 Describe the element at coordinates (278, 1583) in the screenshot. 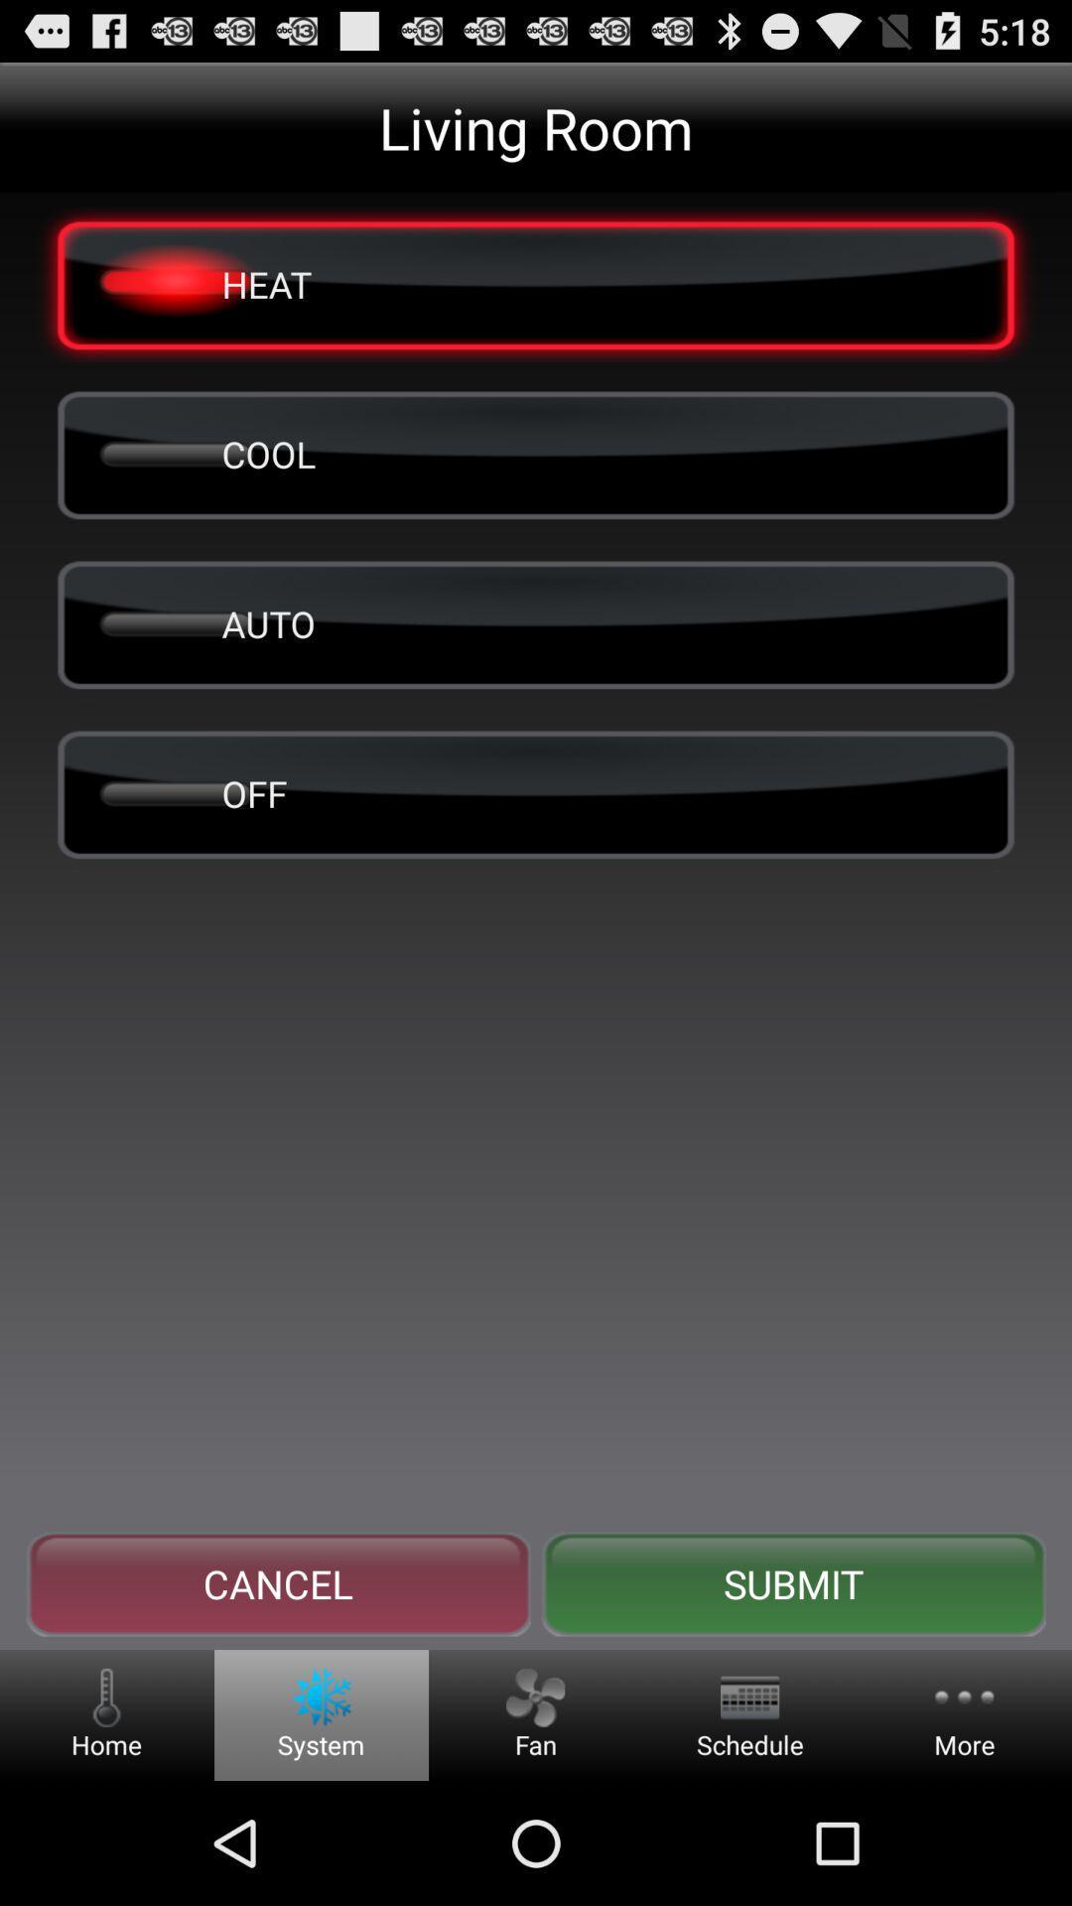

I see `button next to submit icon` at that location.